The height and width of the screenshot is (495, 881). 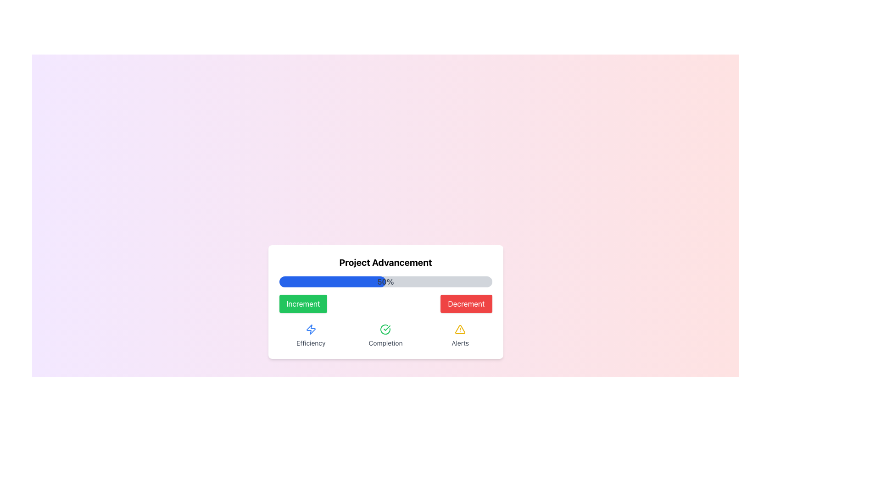 What do you see at coordinates (460, 329) in the screenshot?
I see `the graphical icon that indicates an alert or warning, located at the bottom-right section of the interface, just below the 'Decrement' button` at bounding box center [460, 329].